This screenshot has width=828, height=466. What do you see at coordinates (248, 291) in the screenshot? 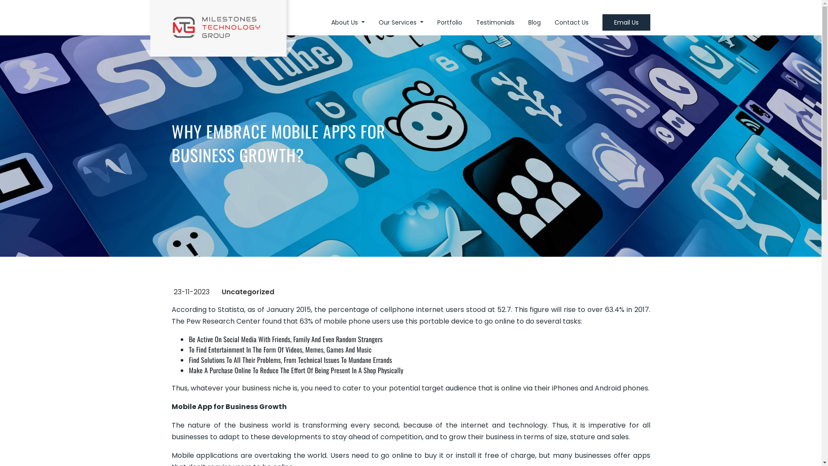
I see `'Uncategorized'` at bounding box center [248, 291].